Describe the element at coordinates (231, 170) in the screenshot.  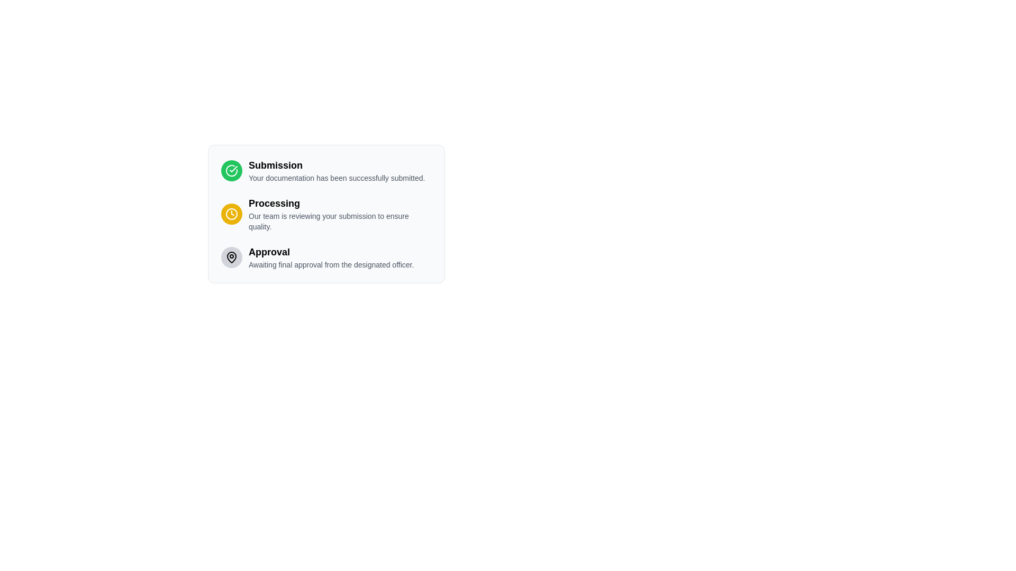
I see `the status icon indicator that visually indicates the successful completion of a submission process, located to the left of the text 'Submission' and the description 'Your documentation has been successfully submitted.'` at that location.